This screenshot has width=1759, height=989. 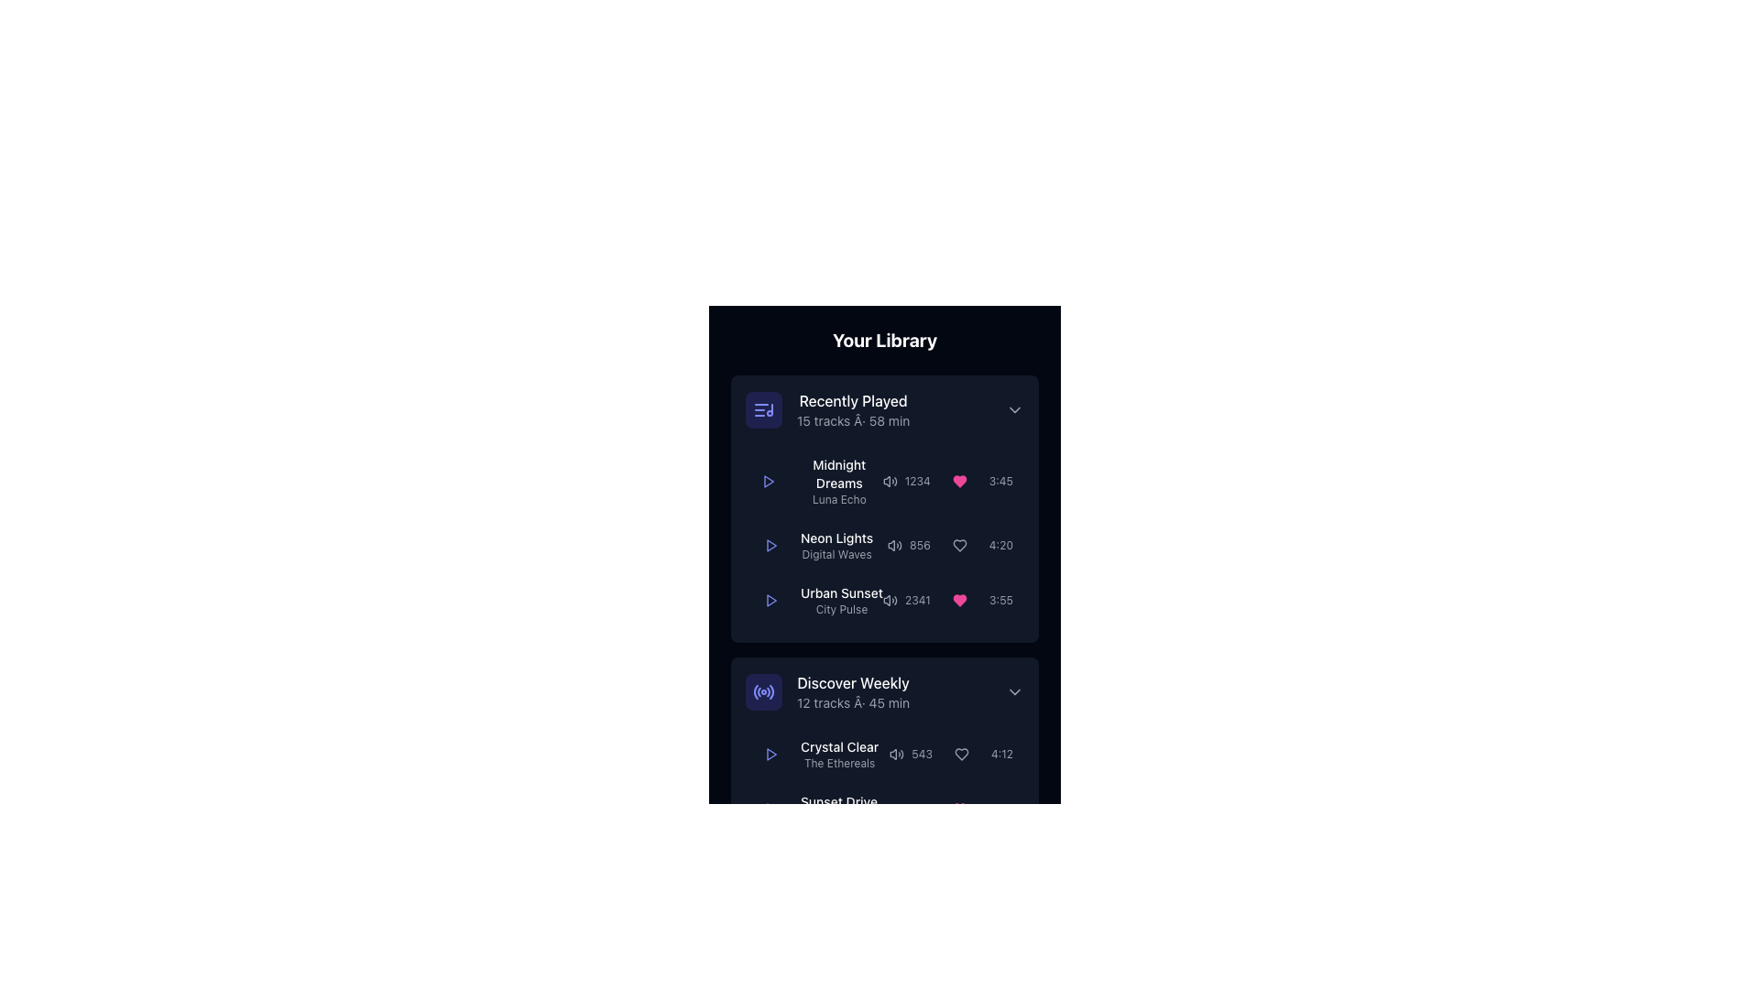 What do you see at coordinates (771, 600) in the screenshot?
I see `the play button icon in the 'Recently Played' section` at bounding box center [771, 600].